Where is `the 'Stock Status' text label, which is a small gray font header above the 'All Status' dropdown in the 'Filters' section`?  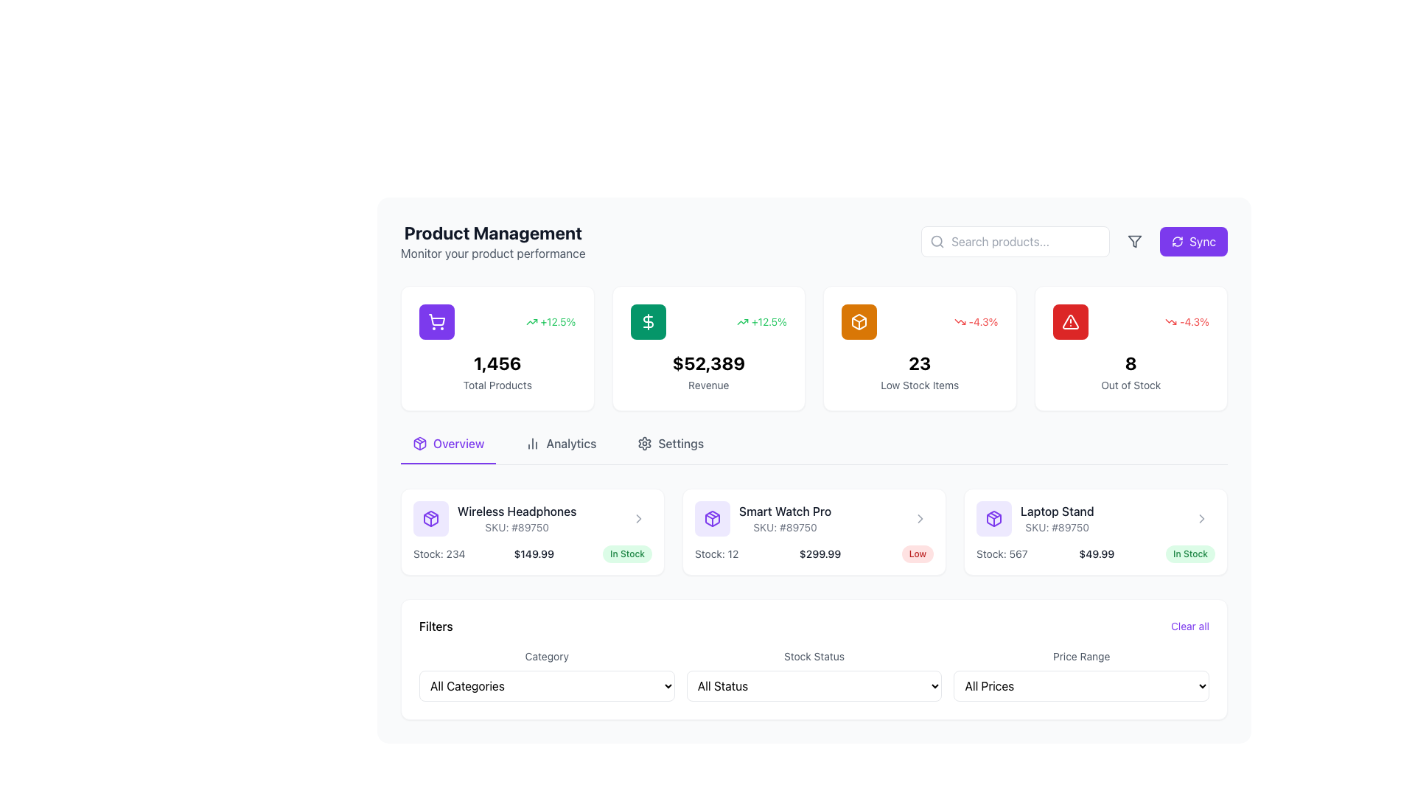
the 'Stock Status' text label, which is a small gray font header above the 'All Status' dropdown in the 'Filters' section is located at coordinates (813, 655).